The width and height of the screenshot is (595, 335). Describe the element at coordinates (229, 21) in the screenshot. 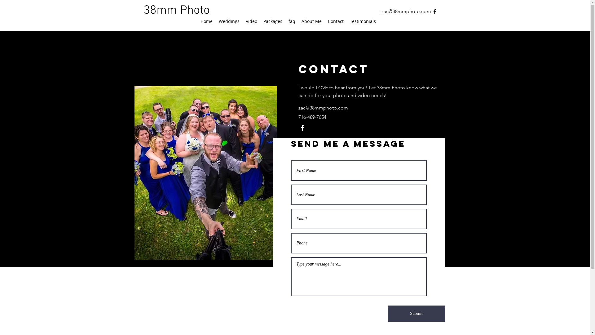

I see `'Weddings'` at that location.